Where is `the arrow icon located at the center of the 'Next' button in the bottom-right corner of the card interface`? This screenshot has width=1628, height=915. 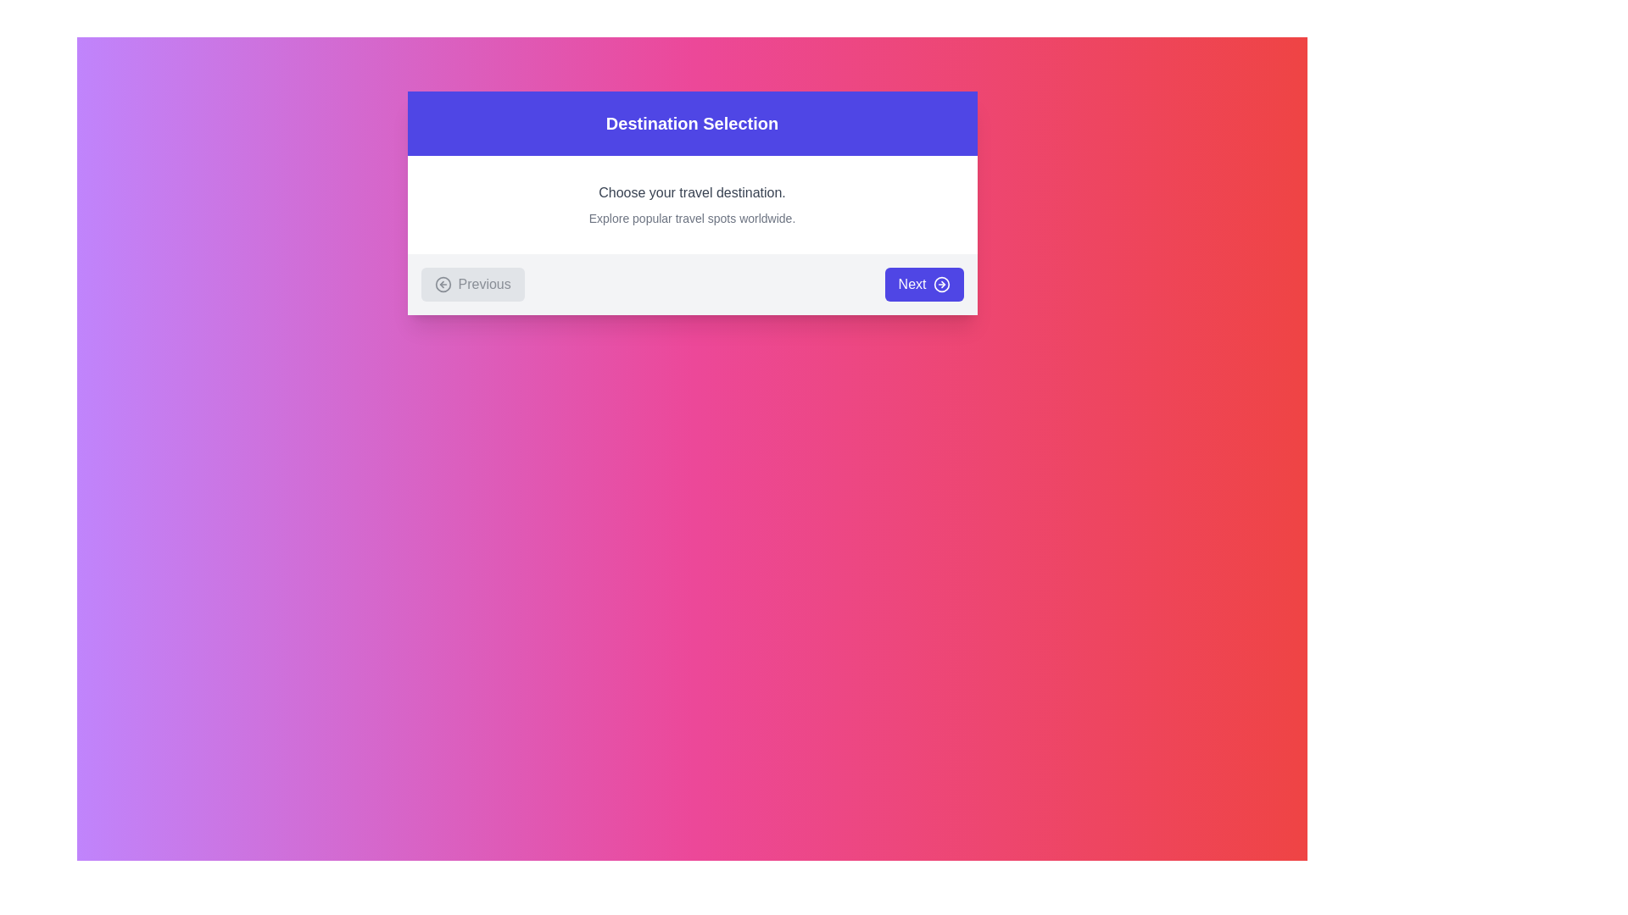 the arrow icon located at the center of the 'Next' button in the bottom-right corner of the card interface is located at coordinates (940, 283).